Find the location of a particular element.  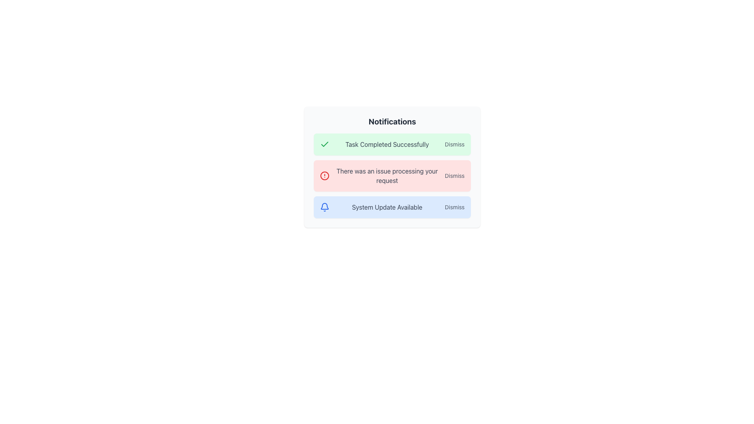

the green checkmark icon indicating successful completion, located in the first notification bar stating 'Task Completed Successfully' is located at coordinates (324, 144).